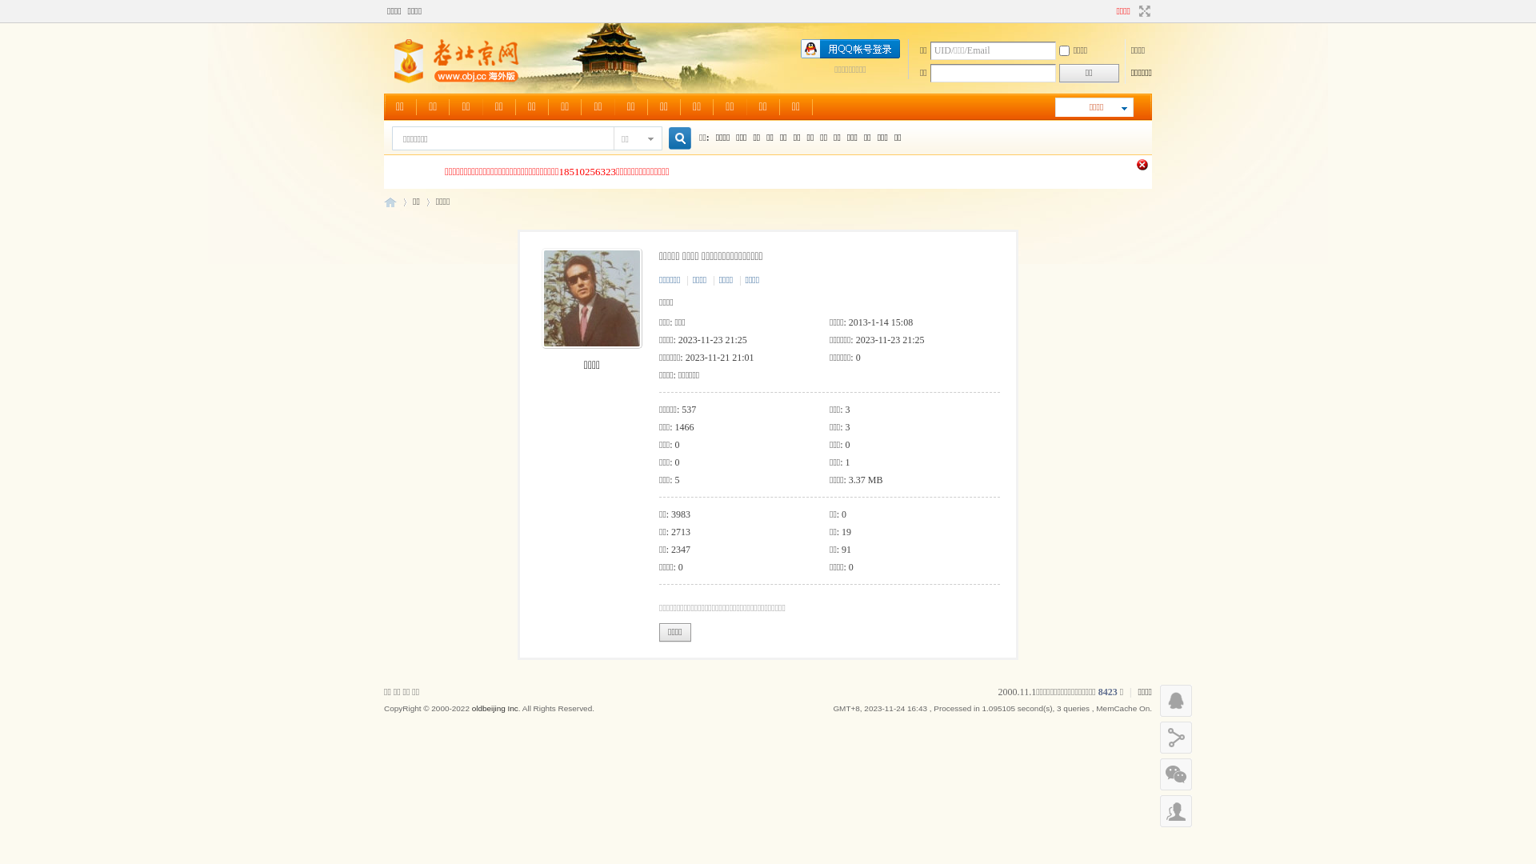 This screenshot has width=1536, height=864. What do you see at coordinates (494, 707) in the screenshot?
I see `'oldbeijing Inc'` at bounding box center [494, 707].